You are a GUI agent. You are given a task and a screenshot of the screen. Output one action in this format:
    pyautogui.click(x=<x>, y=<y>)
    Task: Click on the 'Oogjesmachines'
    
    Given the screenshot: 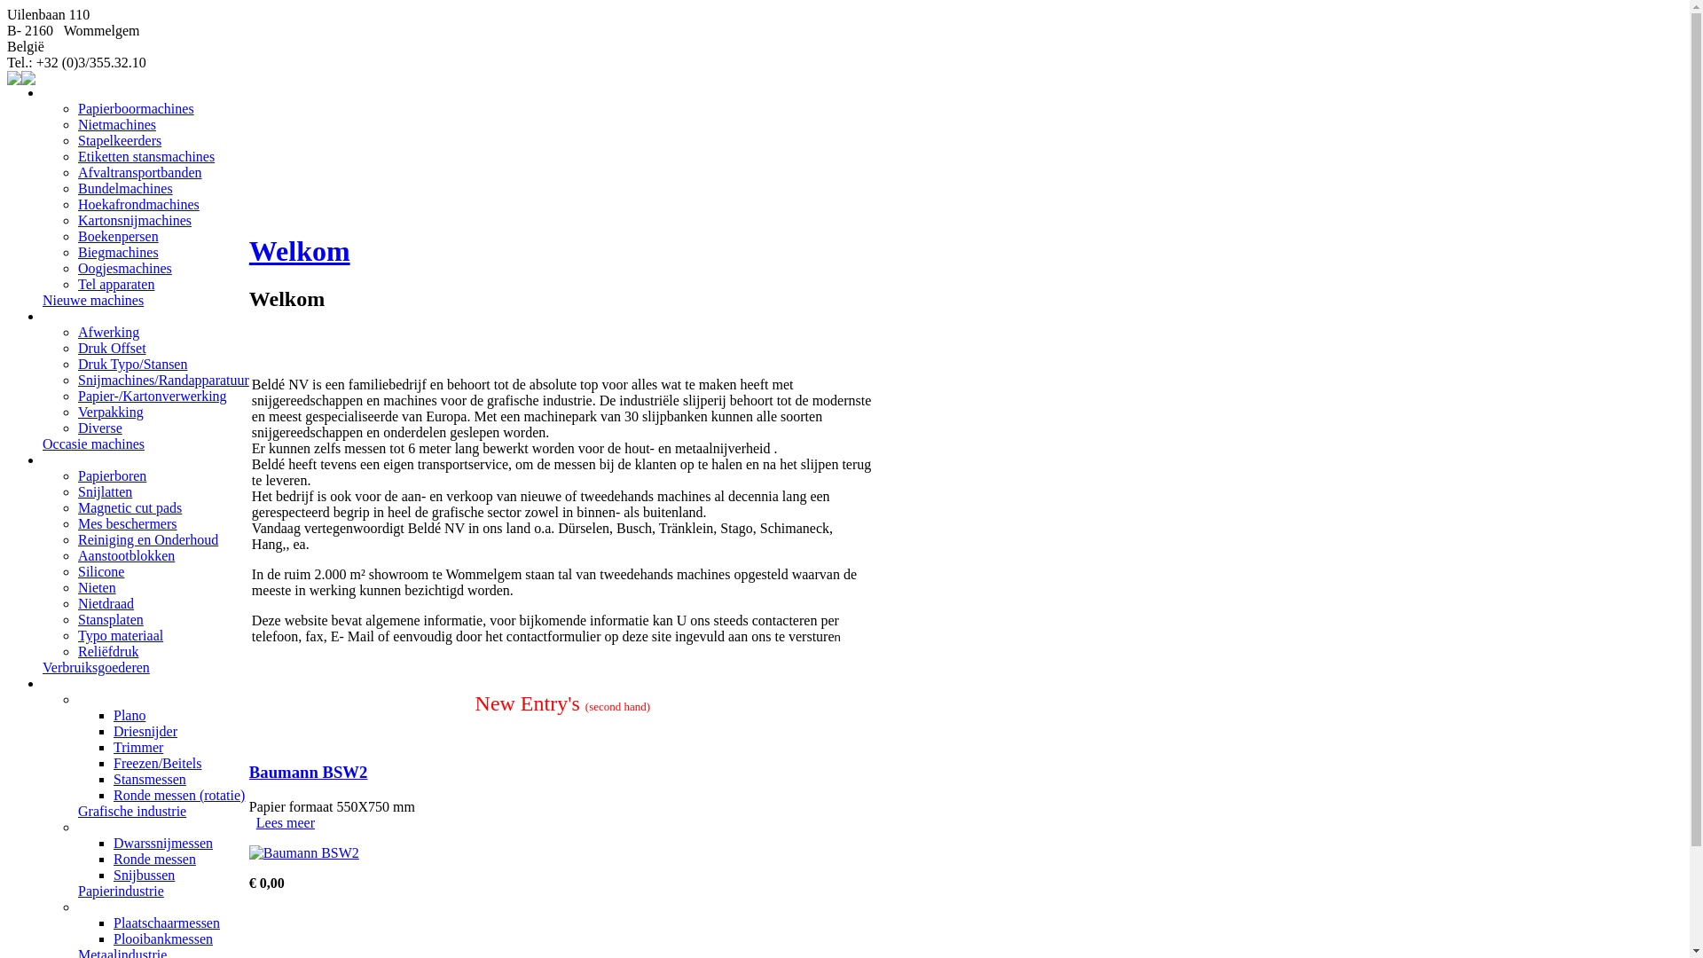 What is the action you would take?
    pyautogui.click(x=123, y=268)
    